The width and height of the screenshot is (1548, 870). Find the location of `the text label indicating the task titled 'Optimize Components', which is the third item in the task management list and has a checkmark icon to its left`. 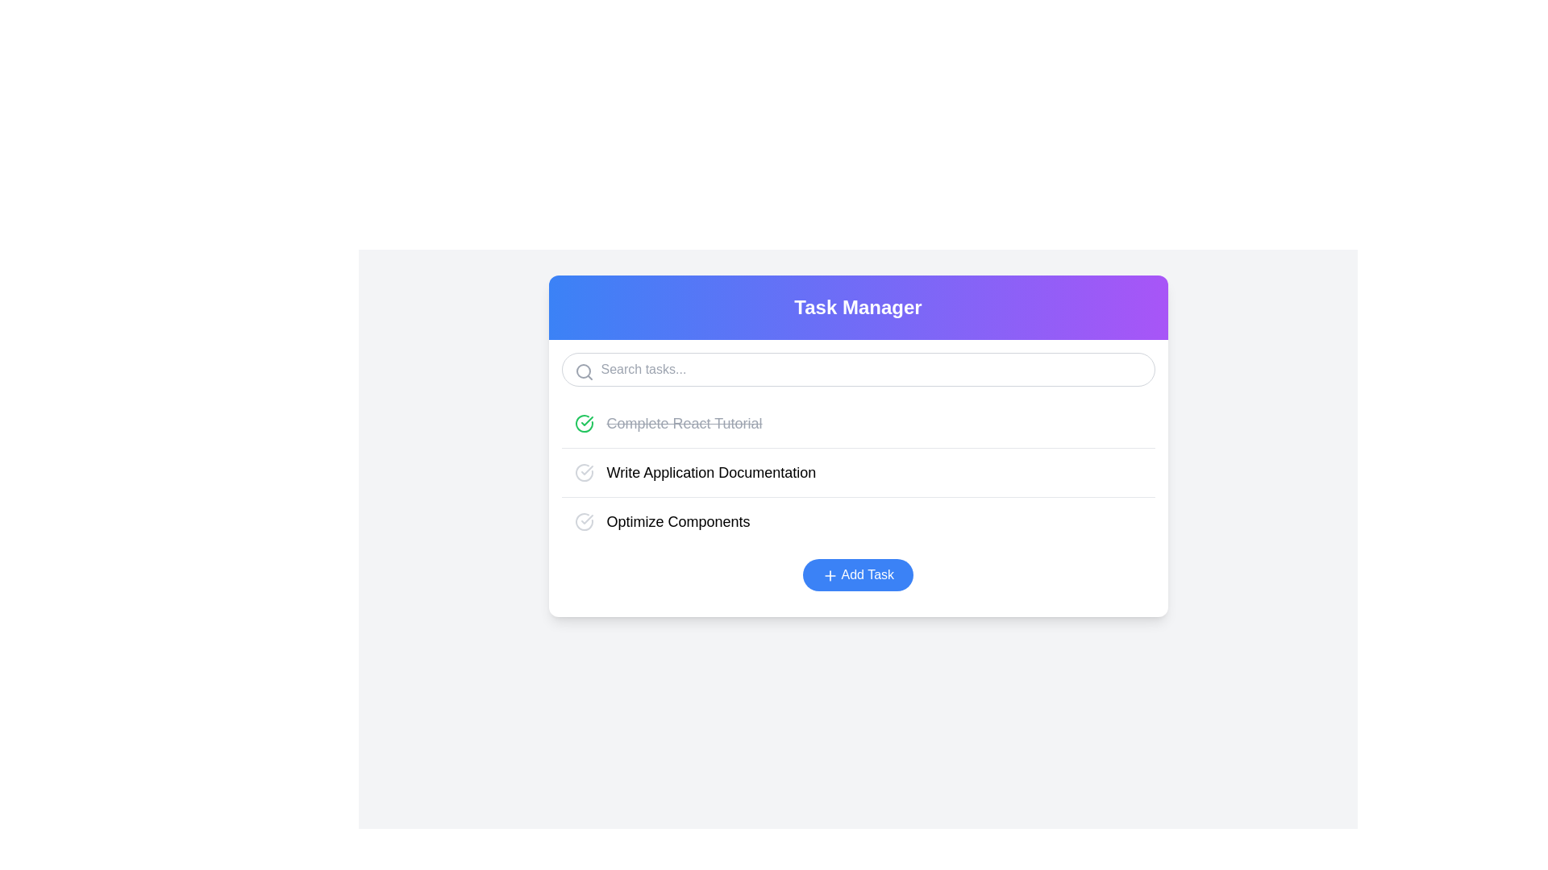

the text label indicating the task titled 'Optimize Components', which is the third item in the task management list and has a checkmark icon to its left is located at coordinates (678, 522).